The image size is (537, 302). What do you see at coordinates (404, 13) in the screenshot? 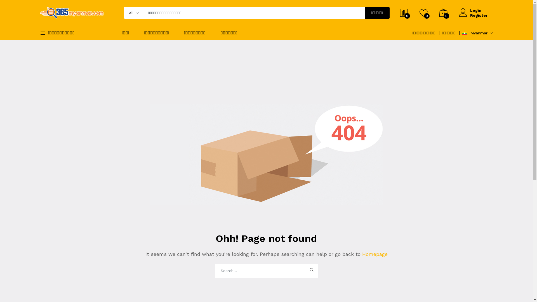
I see `'0'` at bounding box center [404, 13].